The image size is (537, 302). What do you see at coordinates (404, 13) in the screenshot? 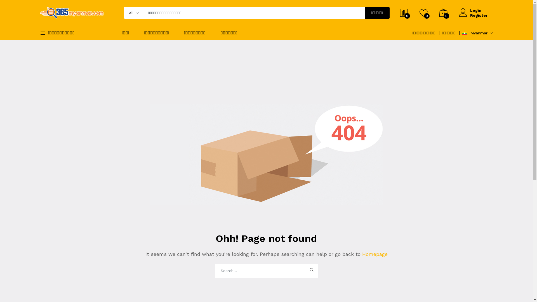
I see `'0'` at bounding box center [404, 13].